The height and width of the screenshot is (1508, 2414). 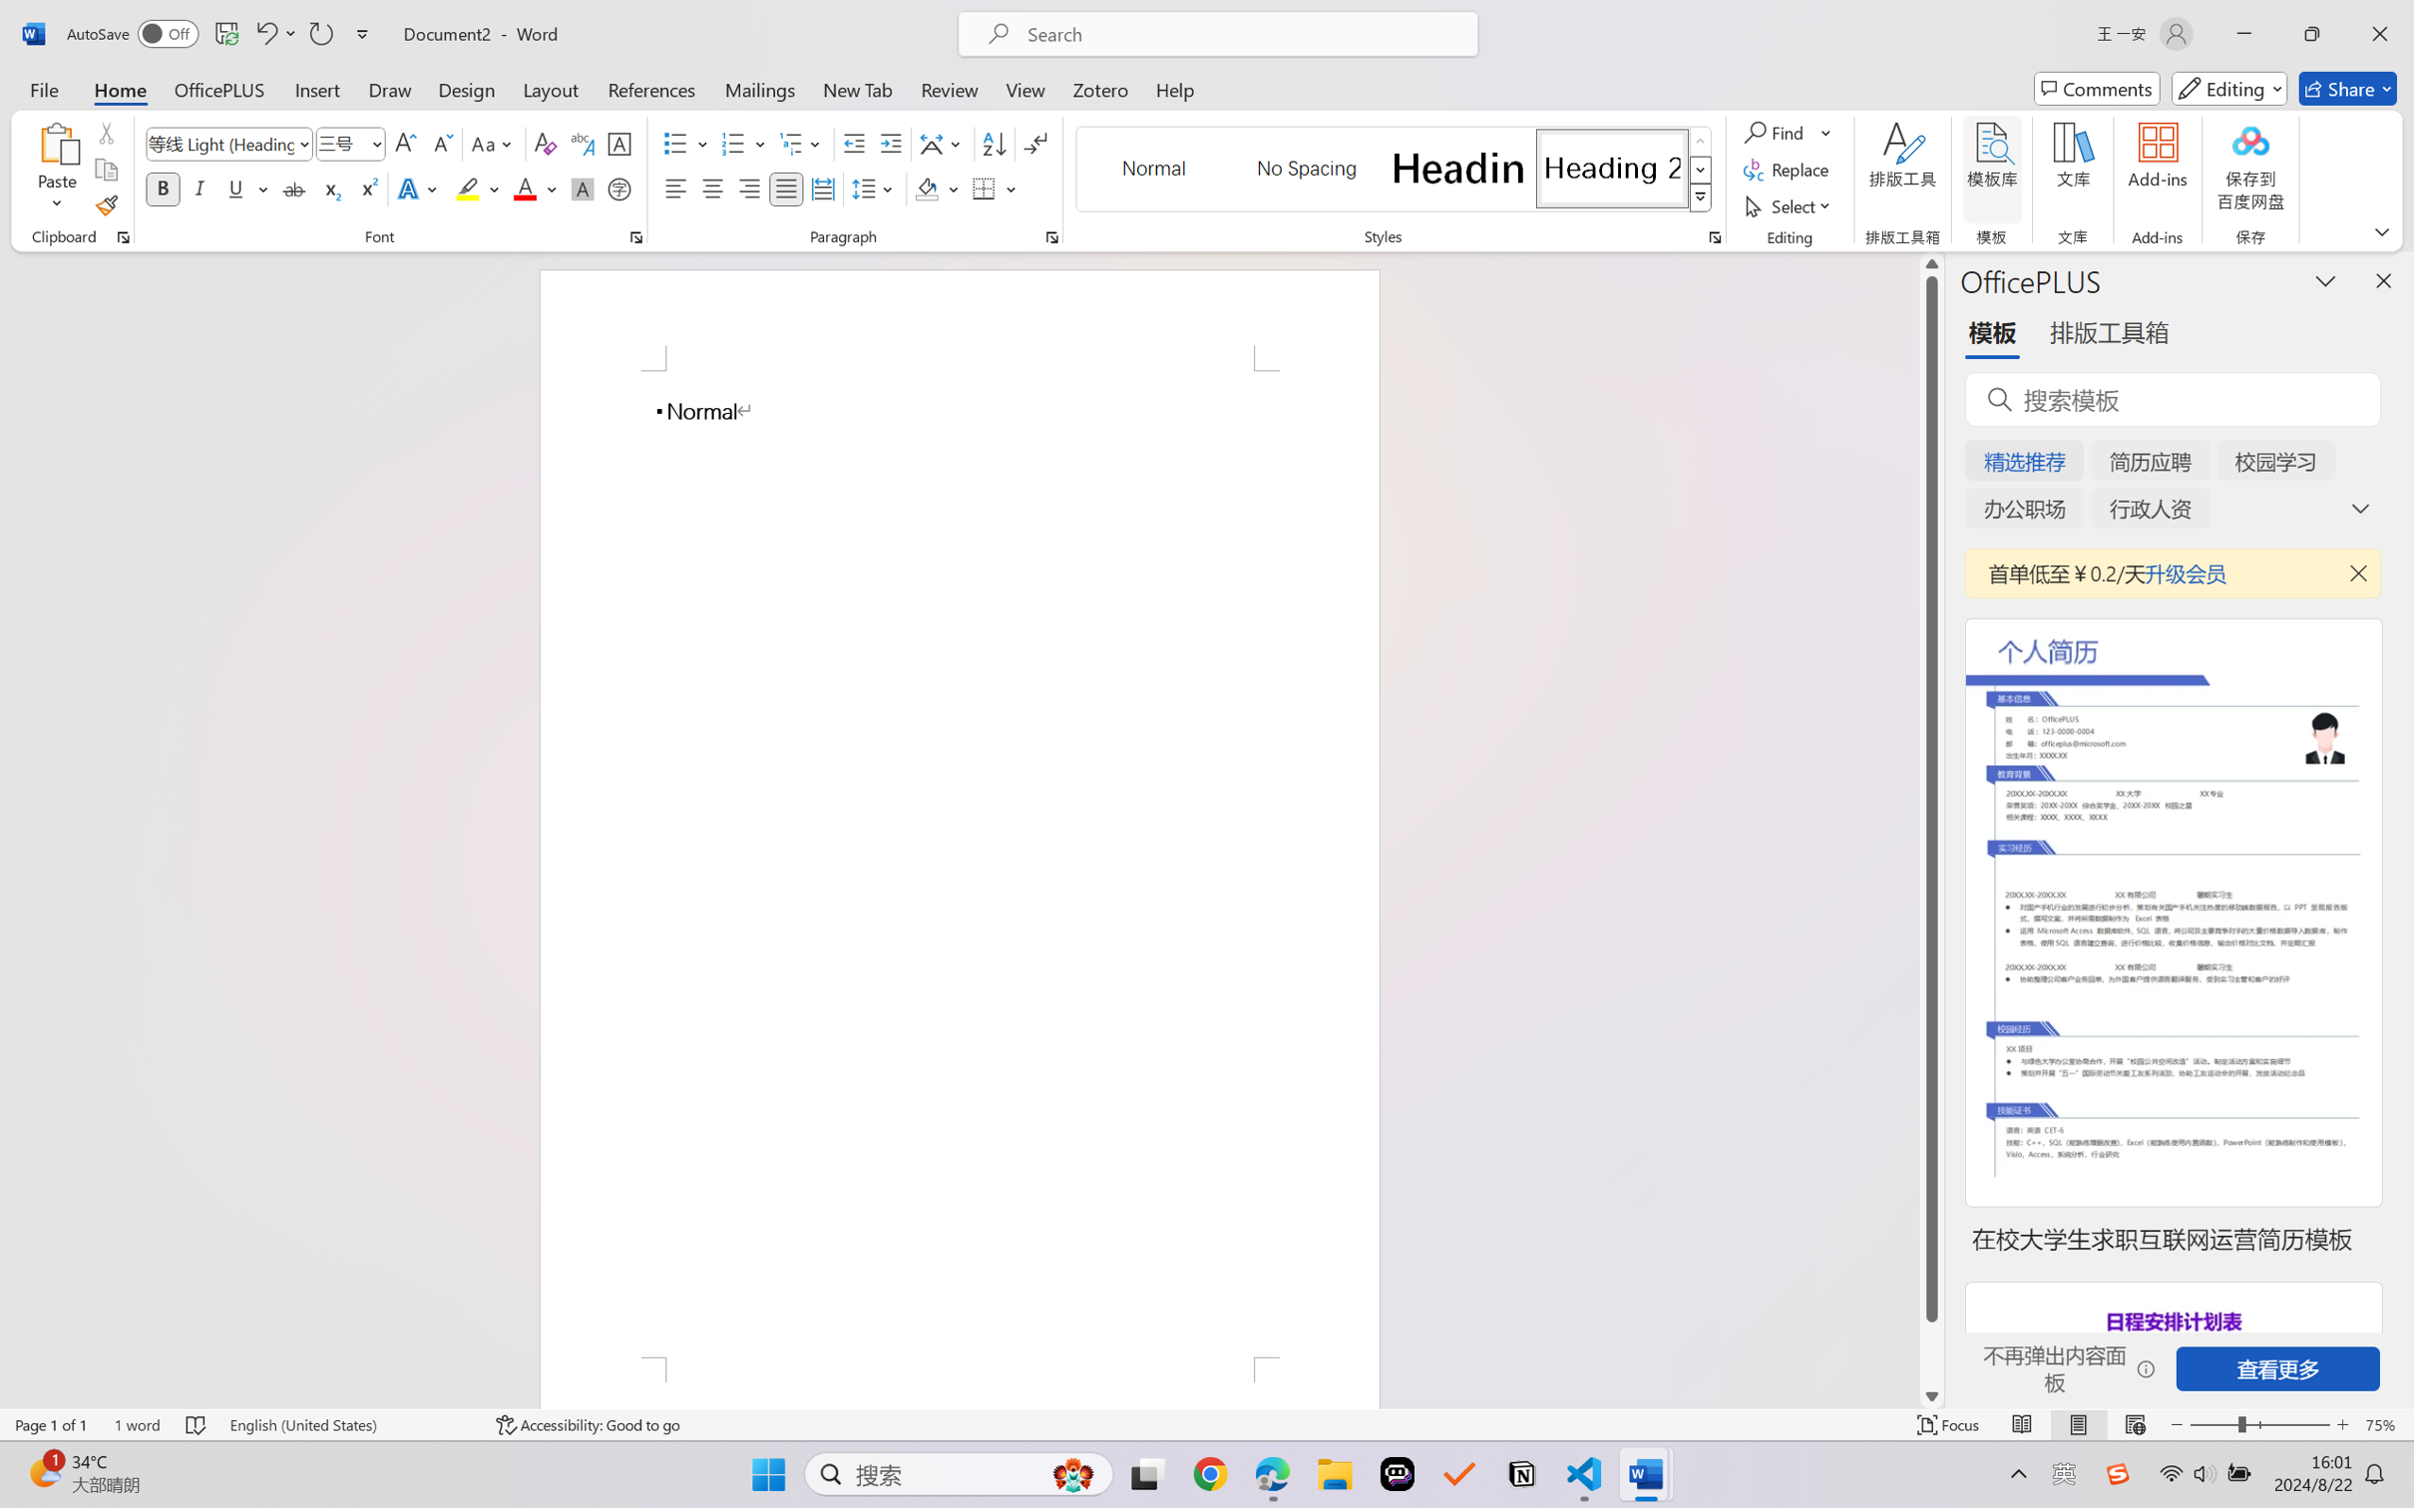 I want to click on 'Task Pane Options', so click(x=2325, y=280).